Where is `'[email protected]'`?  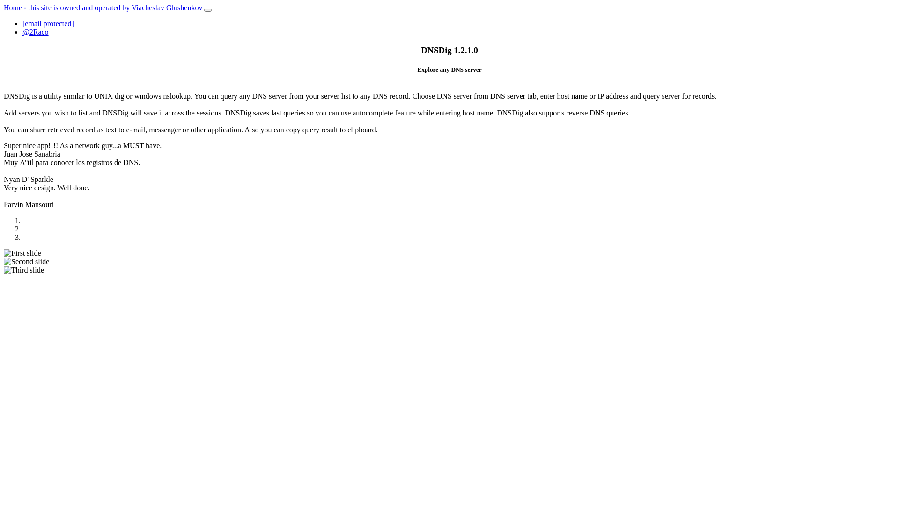 '[email protected]' is located at coordinates (22, 23).